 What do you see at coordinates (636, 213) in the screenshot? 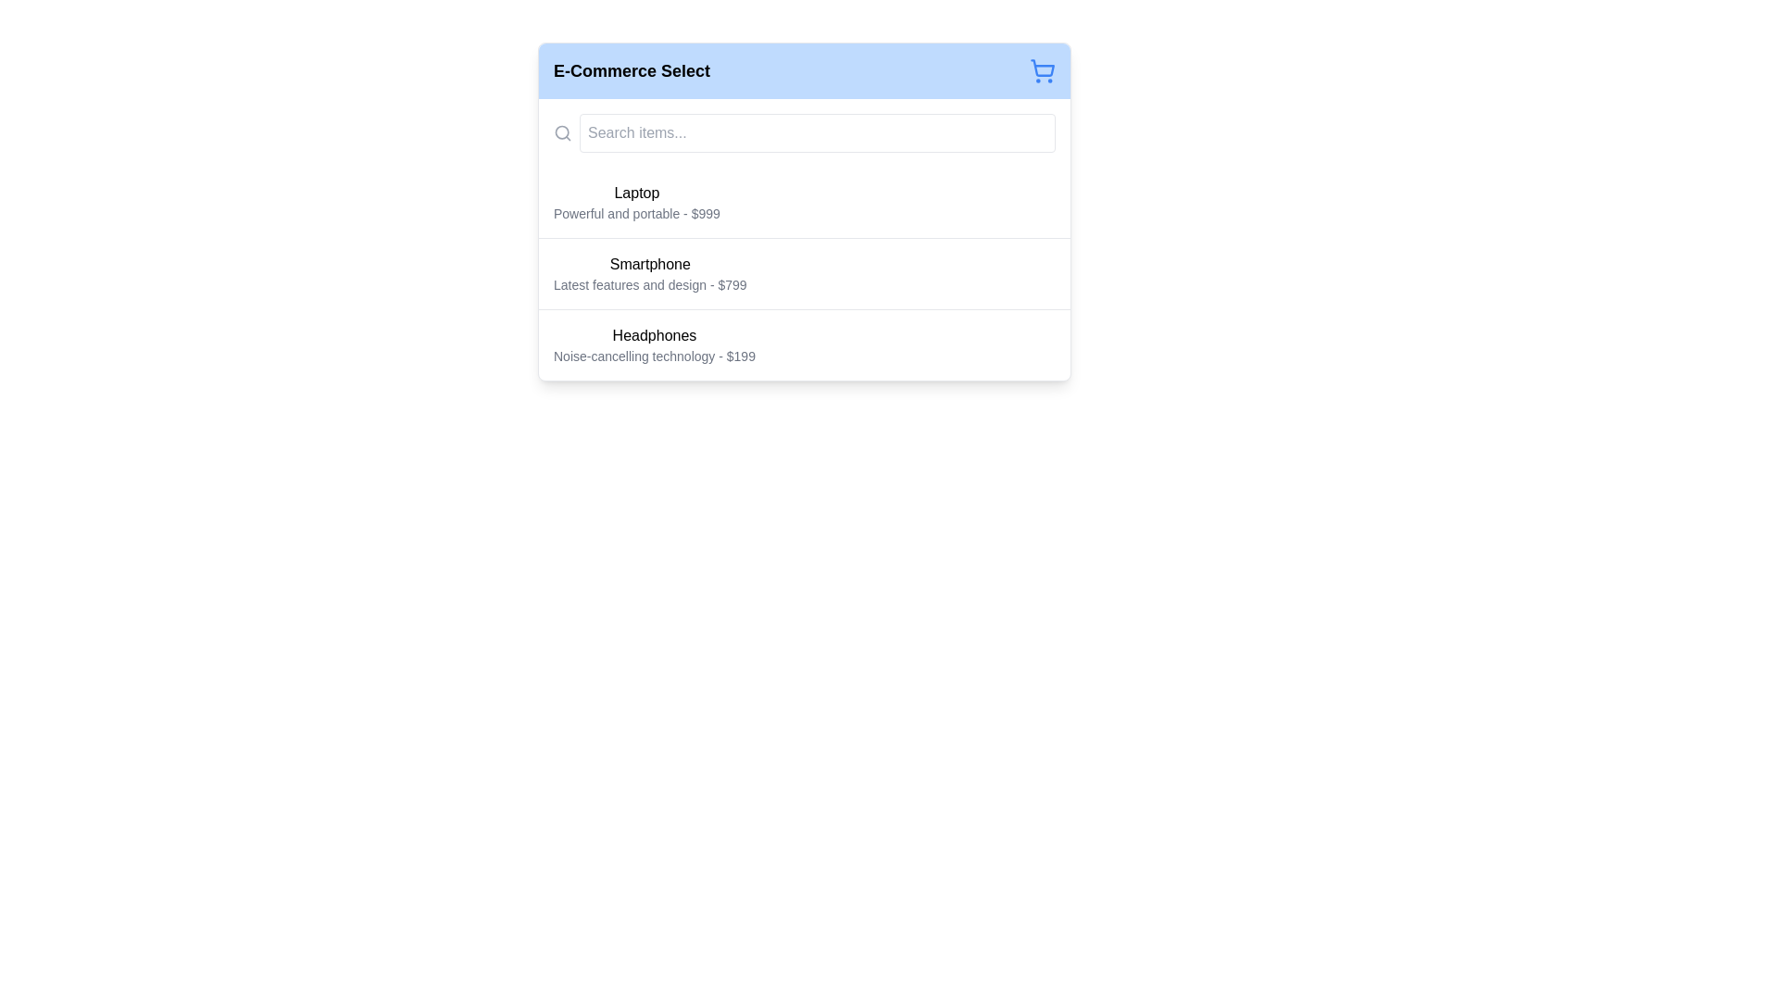
I see `the text description element providing details and price for the product 'Laptop', located beneath its title in a list-style interface` at bounding box center [636, 213].